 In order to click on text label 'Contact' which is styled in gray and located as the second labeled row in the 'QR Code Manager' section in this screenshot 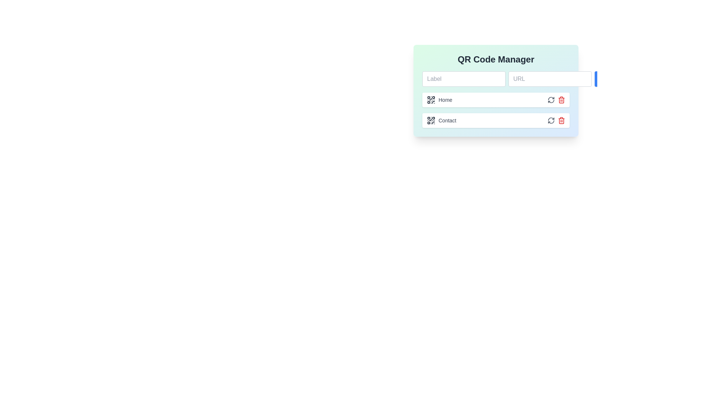, I will do `click(447, 120)`.